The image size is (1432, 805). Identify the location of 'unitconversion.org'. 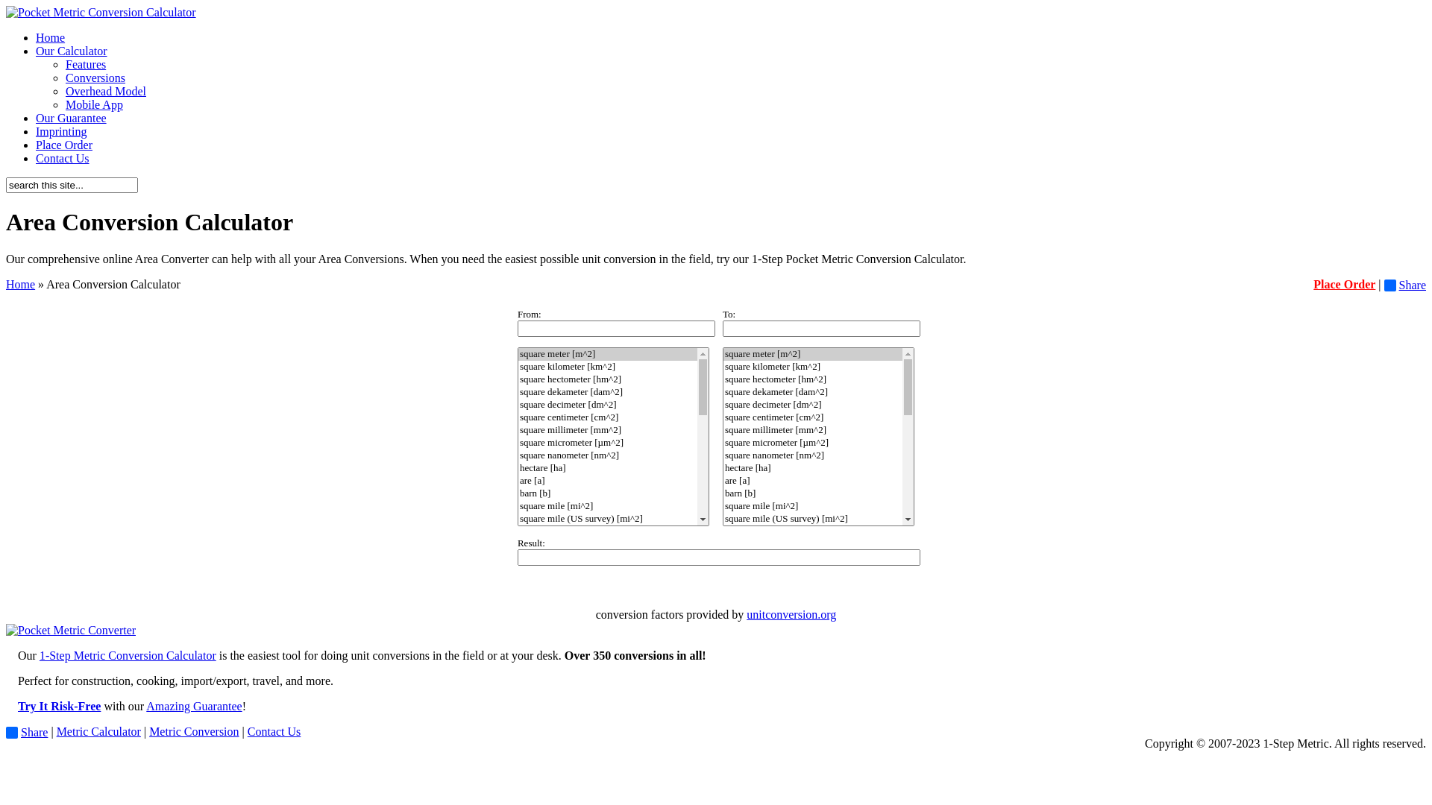
(790, 614).